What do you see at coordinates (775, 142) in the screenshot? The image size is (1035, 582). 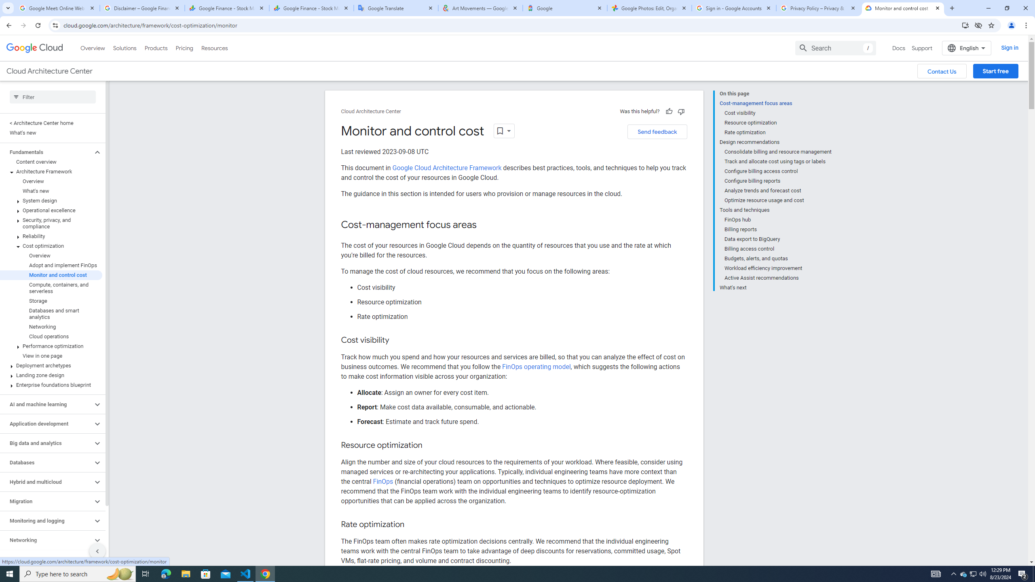 I see `'Design recommendations'` at bounding box center [775, 142].